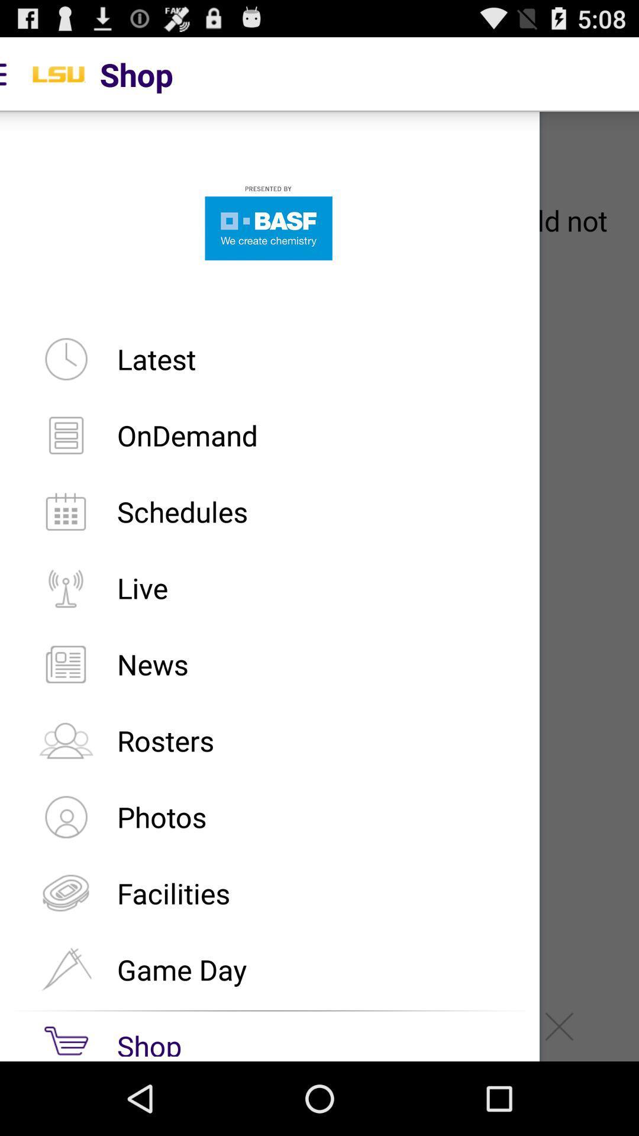 This screenshot has height=1136, width=639. What do you see at coordinates (399, 1098) in the screenshot?
I see `the minus icon` at bounding box center [399, 1098].